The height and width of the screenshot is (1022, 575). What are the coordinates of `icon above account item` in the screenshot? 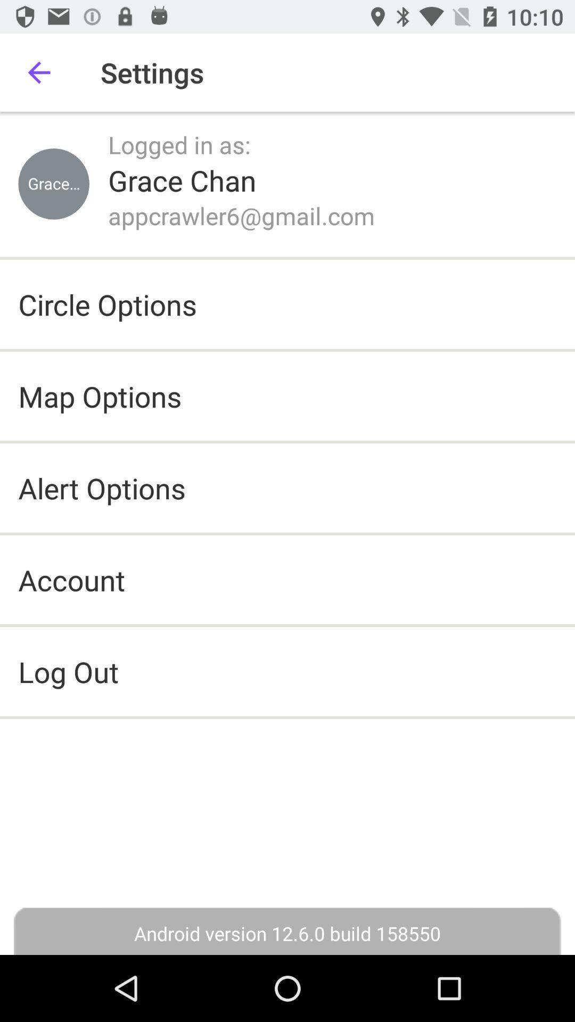 It's located at (102, 487).